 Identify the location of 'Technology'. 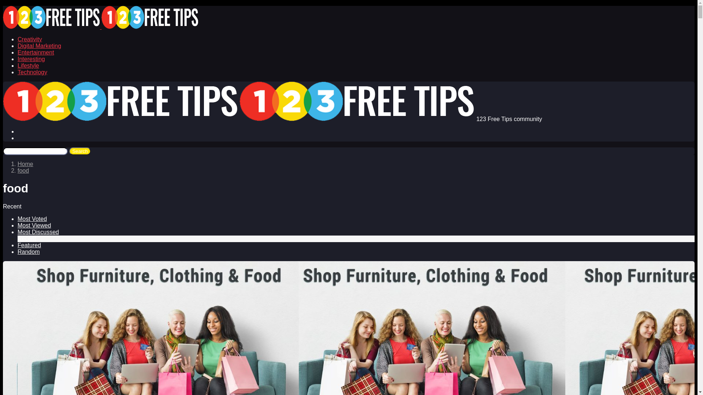
(32, 72).